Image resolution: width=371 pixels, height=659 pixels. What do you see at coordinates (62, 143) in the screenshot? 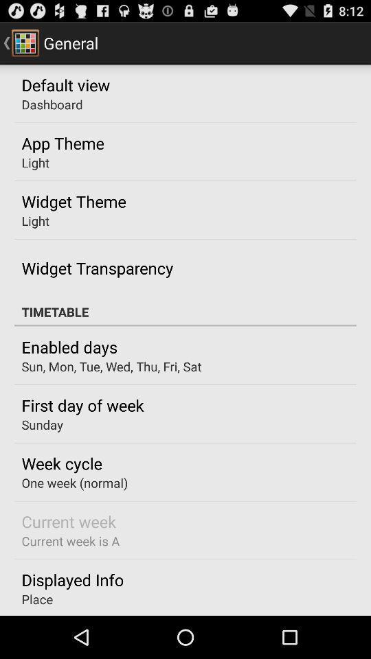
I see `the icon above light item` at bounding box center [62, 143].